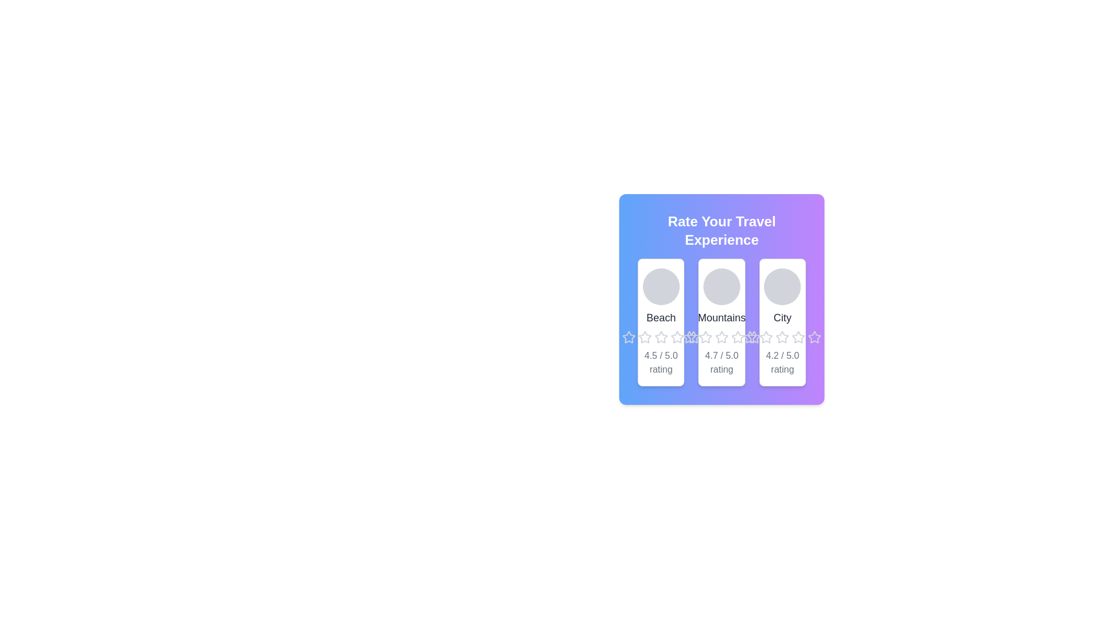 This screenshot has height=622, width=1107. I want to click on the second star in the five-star rating section, so click(750, 337).